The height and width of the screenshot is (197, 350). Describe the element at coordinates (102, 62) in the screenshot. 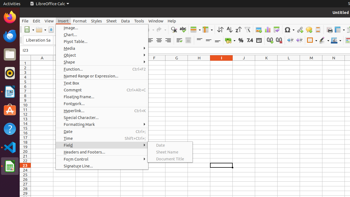

I see `'Shape'` at that location.